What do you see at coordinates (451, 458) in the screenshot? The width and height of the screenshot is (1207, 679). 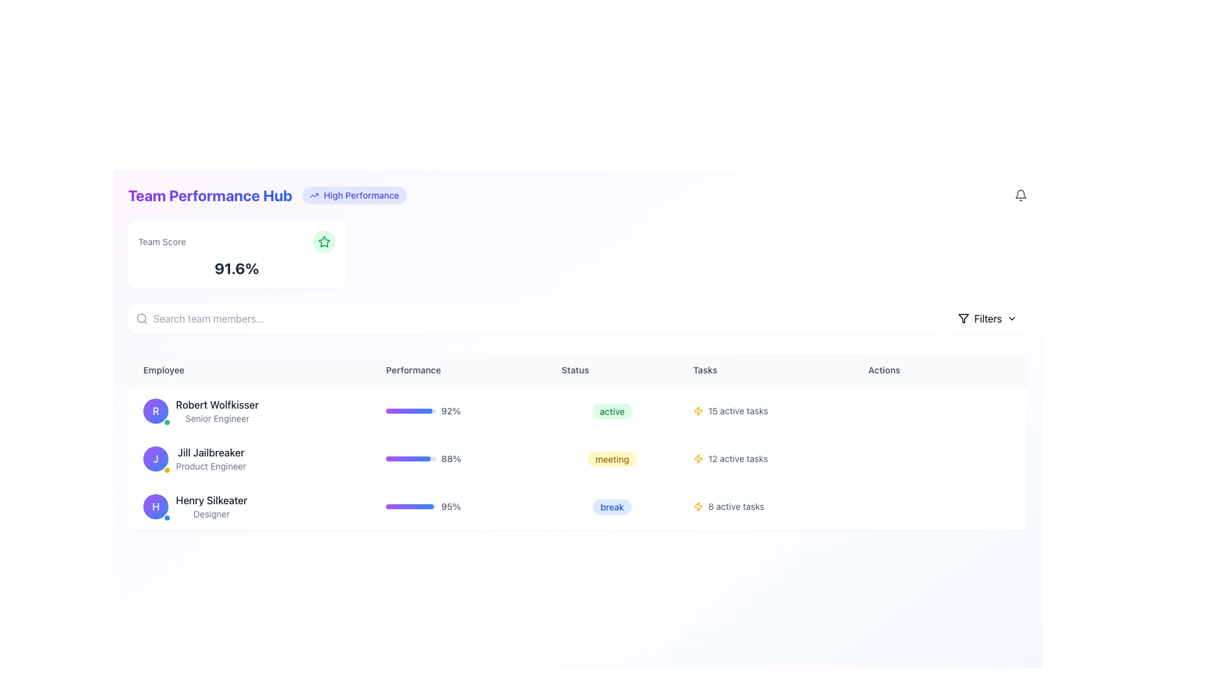 I see `the Text label displaying the performance score for 'Jill Jailbreaker' in the Performance column, located to the right of the gradient progress bar` at bounding box center [451, 458].